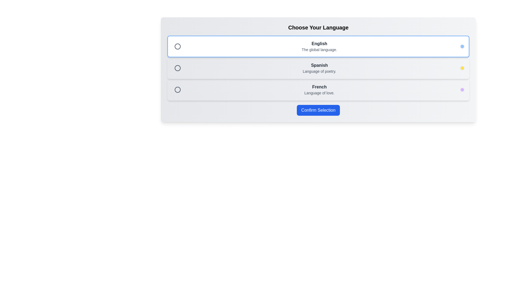 The width and height of the screenshot is (520, 292). Describe the element at coordinates (318, 89) in the screenshot. I see `the selectable item labeled 'French' with the subtitle 'Language of love'` at that location.